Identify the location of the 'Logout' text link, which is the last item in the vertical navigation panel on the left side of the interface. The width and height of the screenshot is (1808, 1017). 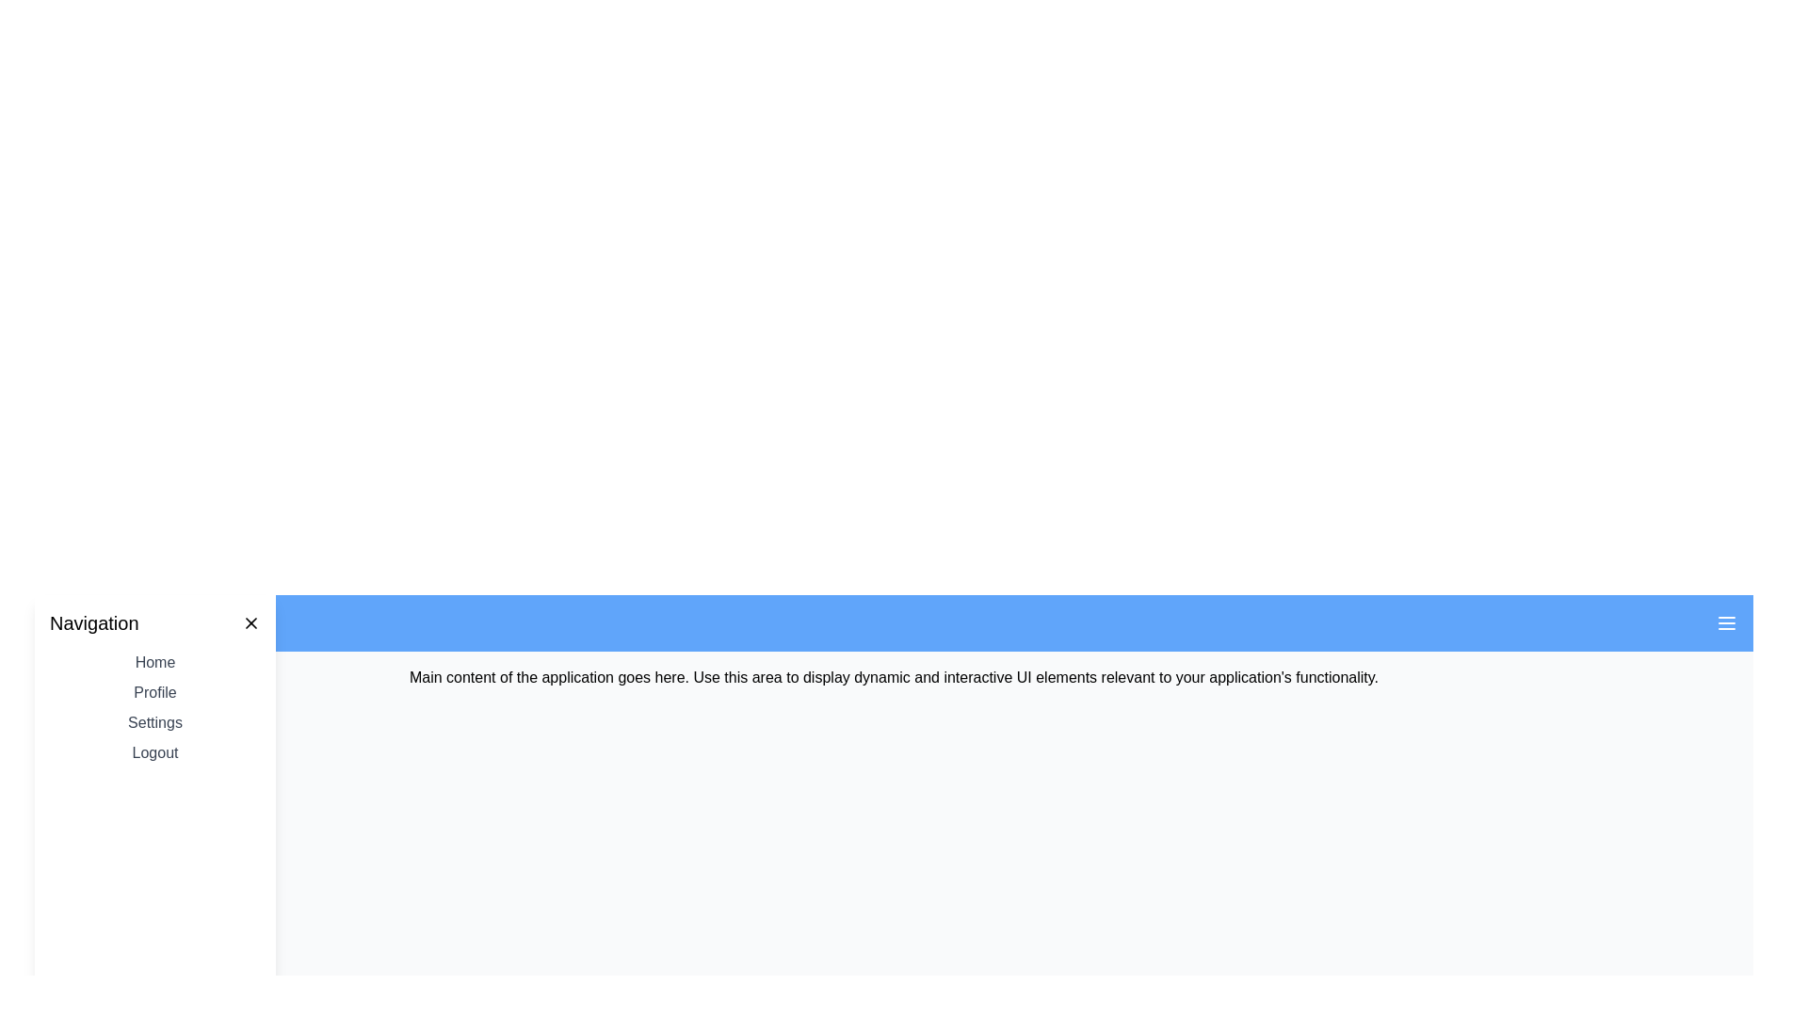
(154, 751).